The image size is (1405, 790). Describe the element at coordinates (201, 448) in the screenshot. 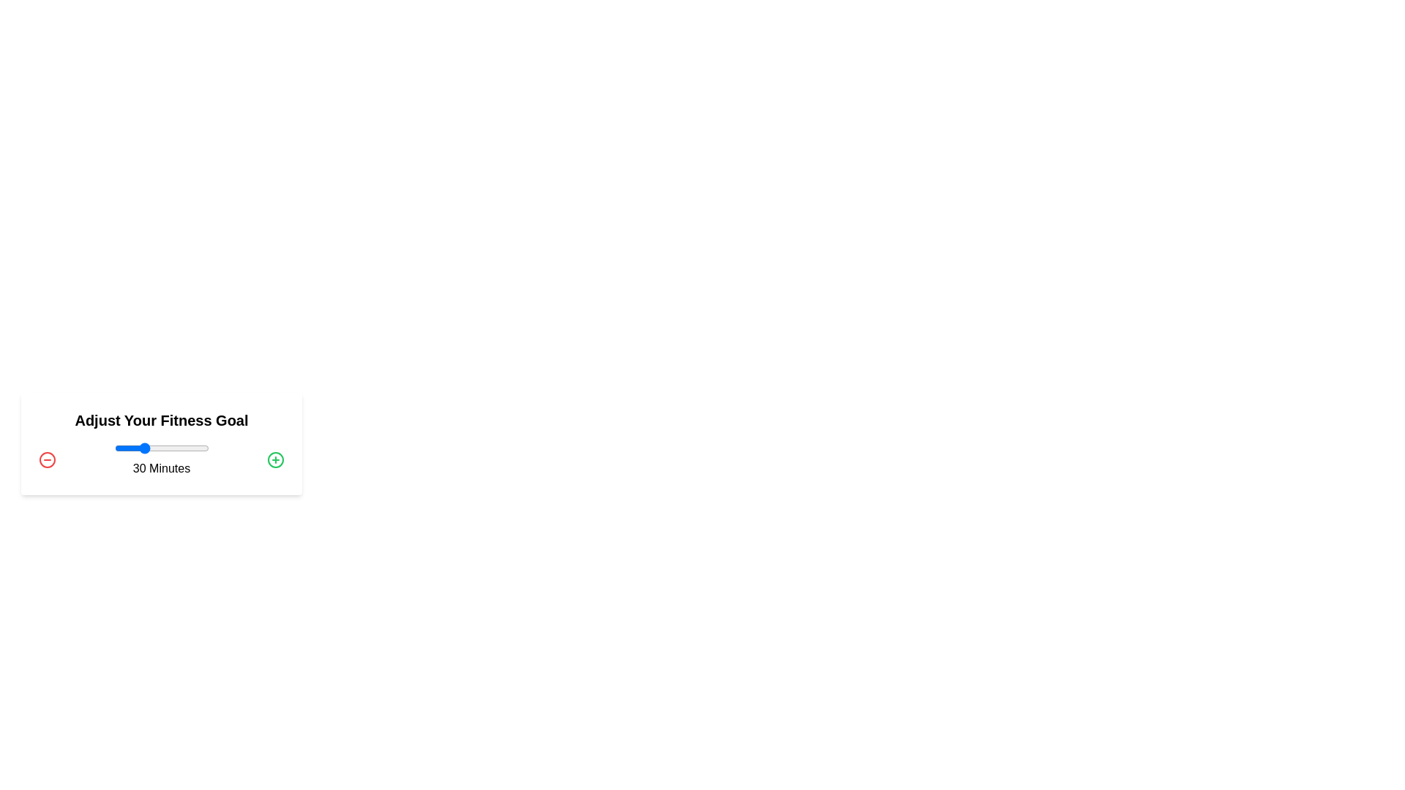

I see `the slider` at that location.